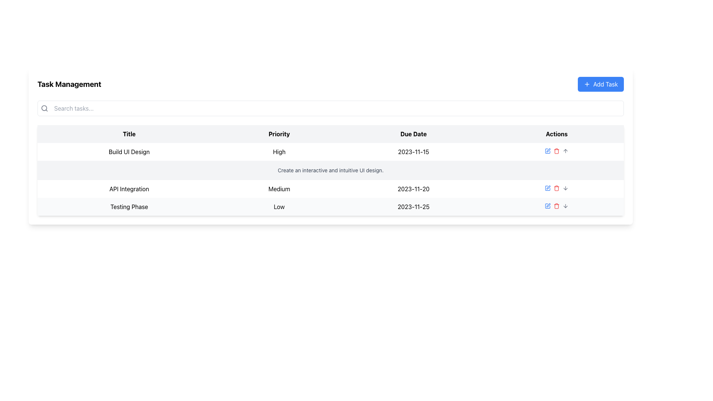 Image resolution: width=713 pixels, height=401 pixels. Describe the element at coordinates (129, 206) in the screenshot. I see `the 'Testing Phase' text element in the 'Title' column to focus on it` at that location.